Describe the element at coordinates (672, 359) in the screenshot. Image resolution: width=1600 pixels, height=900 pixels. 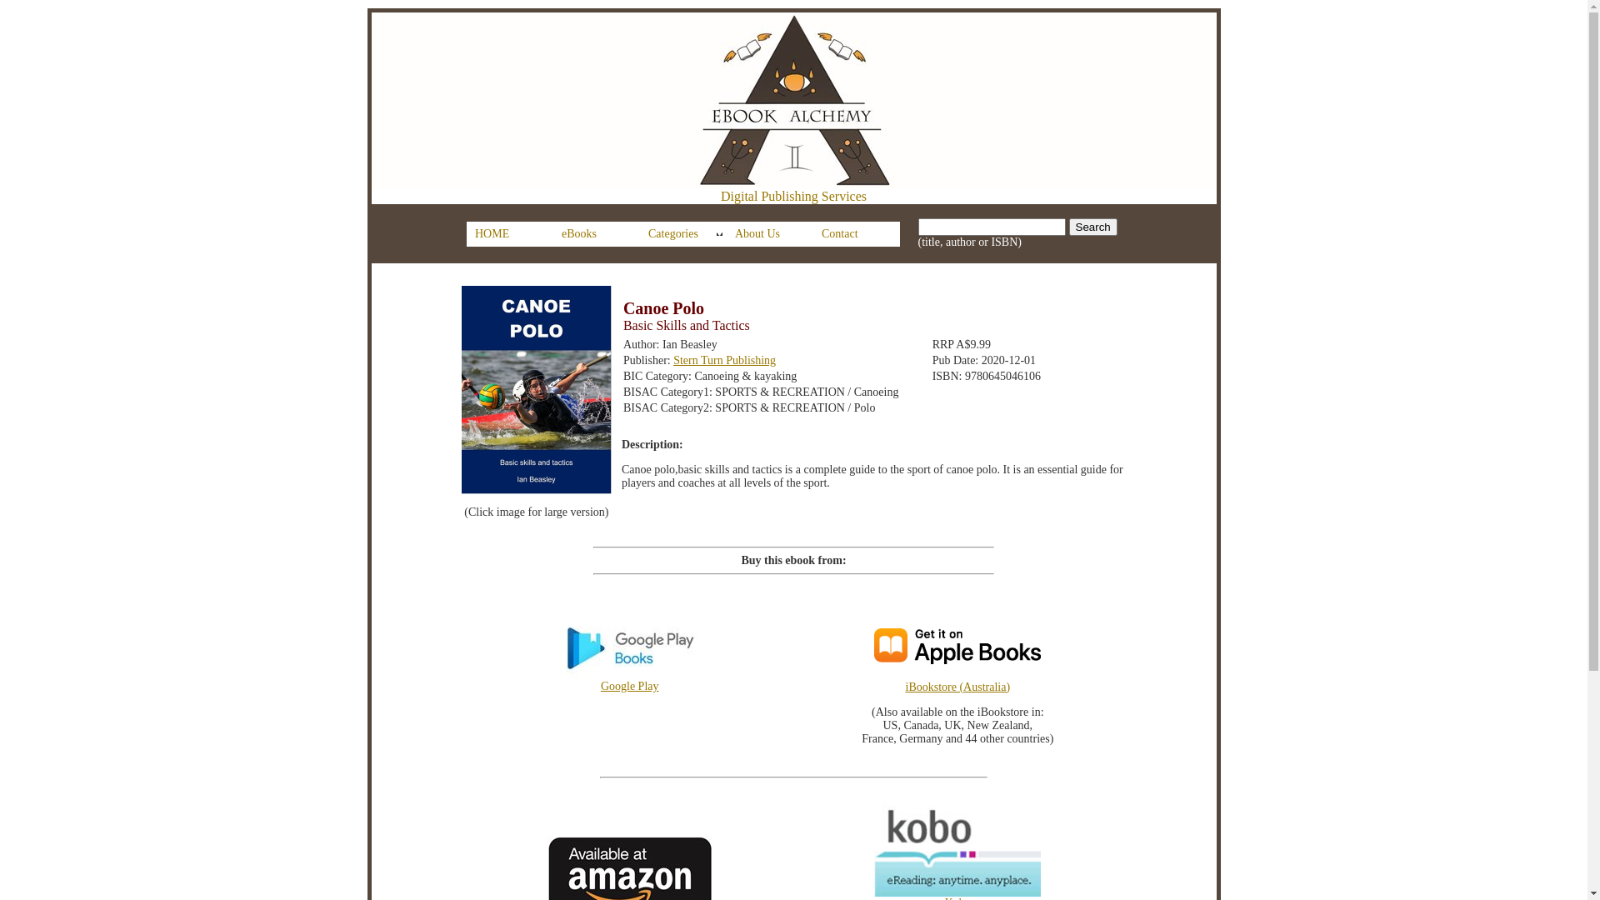
I see `'Stern Turn Publishing'` at that location.